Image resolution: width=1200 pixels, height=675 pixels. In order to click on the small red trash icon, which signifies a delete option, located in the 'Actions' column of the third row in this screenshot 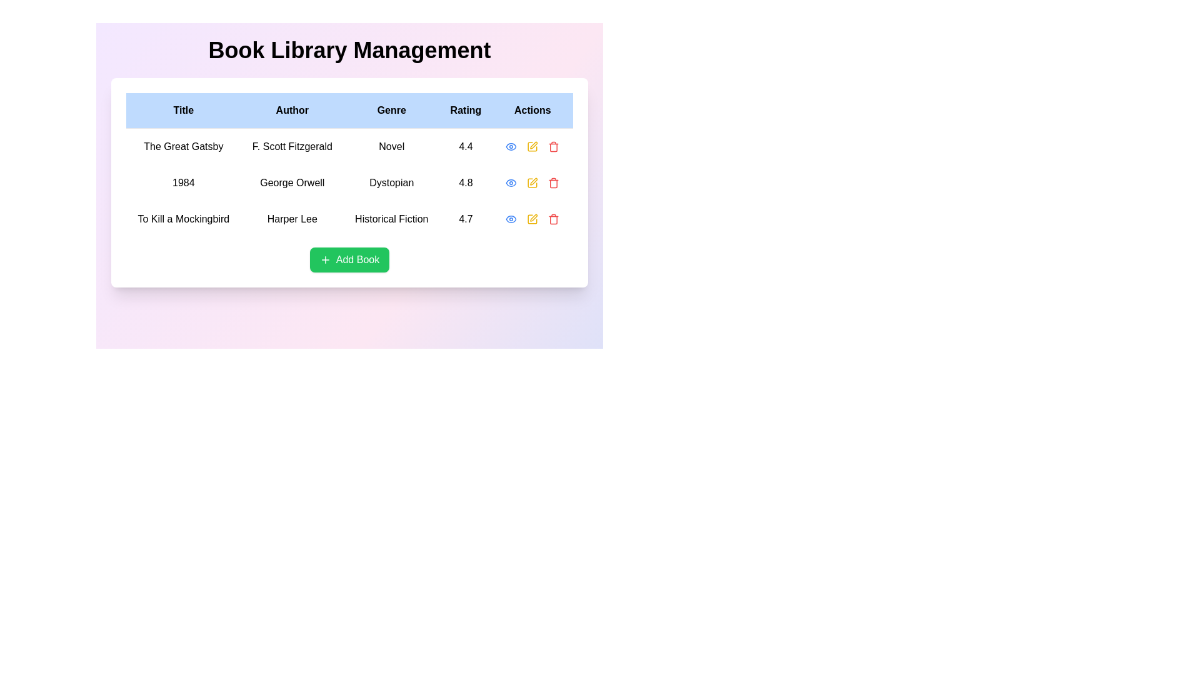, I will do `click(553, 219)`.